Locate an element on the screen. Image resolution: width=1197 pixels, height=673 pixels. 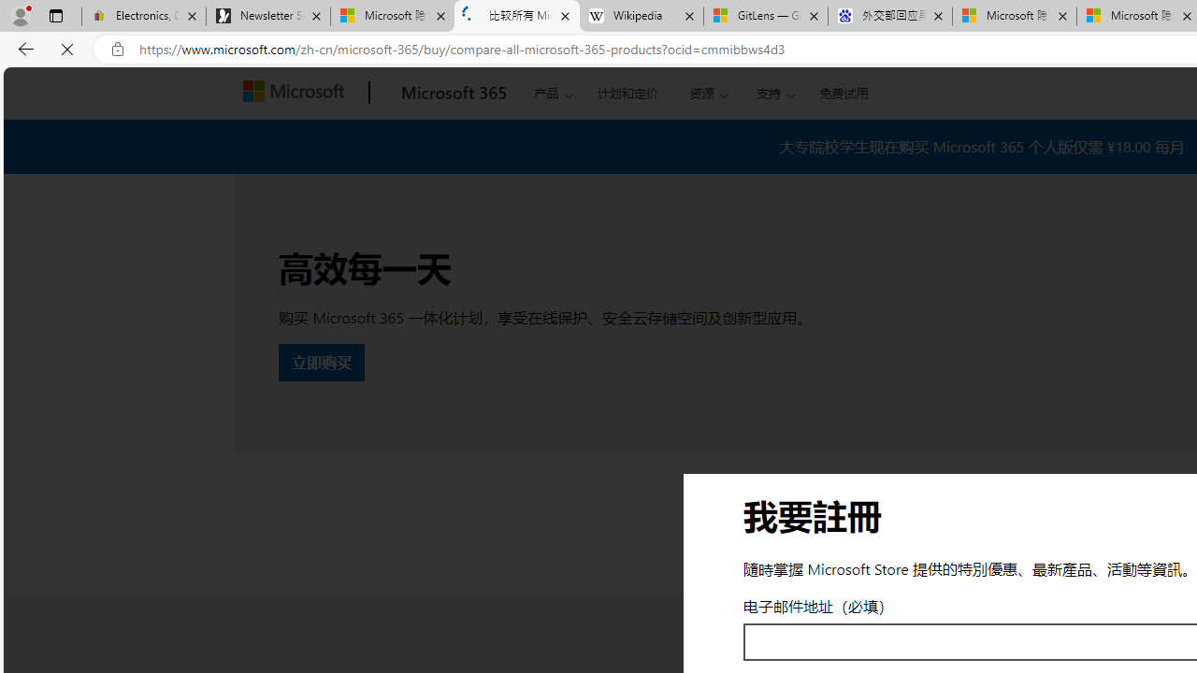
'Electronics, Cars, Fashion, Collectibles & More | eBay' is located at coordinates (143, 16).